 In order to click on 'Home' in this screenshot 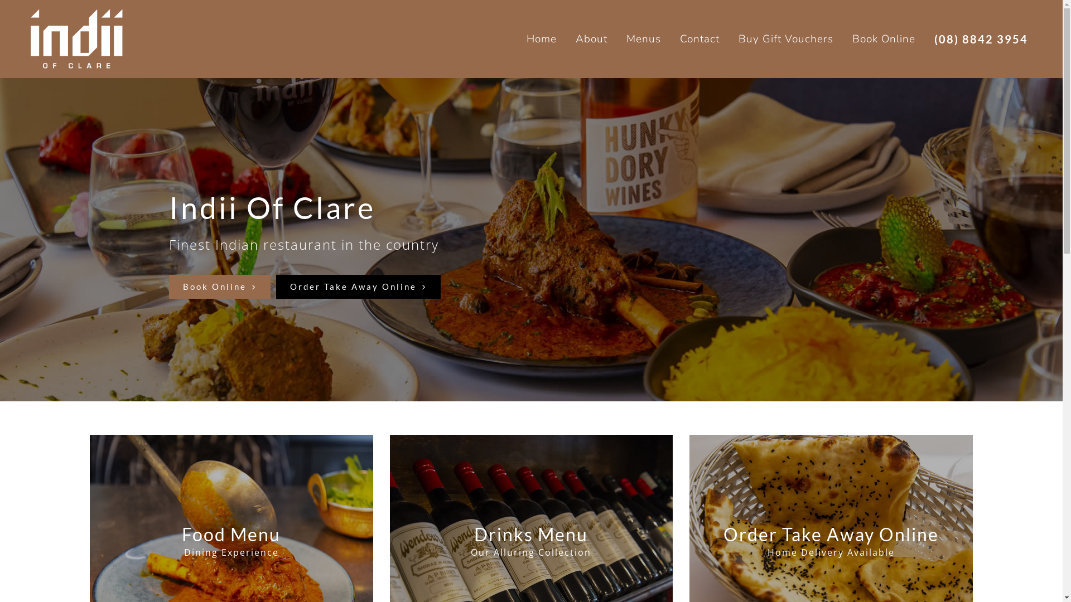, I will do `click(541, 38)`.